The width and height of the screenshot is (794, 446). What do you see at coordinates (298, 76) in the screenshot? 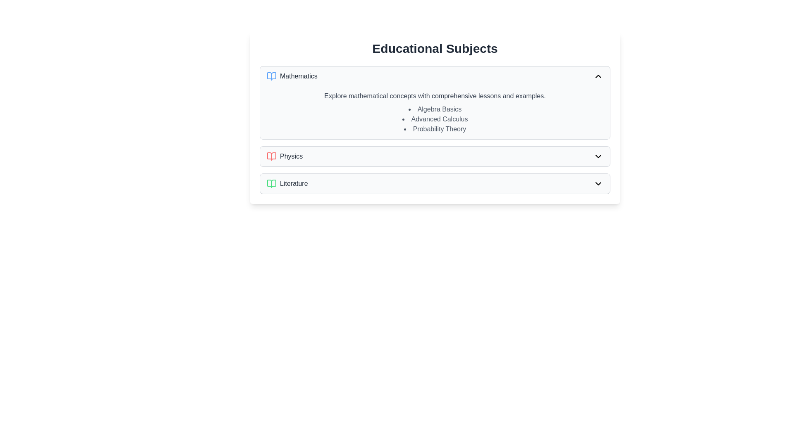
I see `the Text label indicating the subject title in the 'Educational Subjects' section, specifically within the header of the expanded 'Mathematics' section, which is positioned to the right of a blue book icon` at bounding box center [298, 76].